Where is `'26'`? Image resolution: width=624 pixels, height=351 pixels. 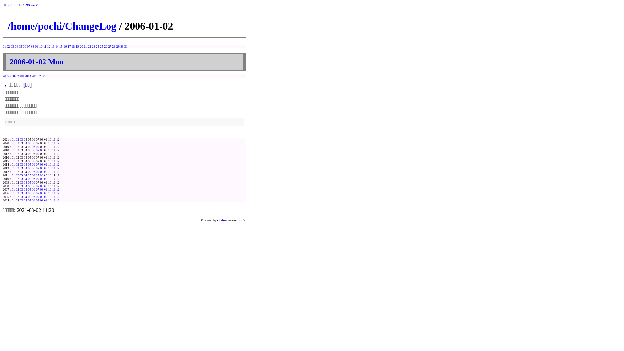 '26' is located at coordinates (106, 46).